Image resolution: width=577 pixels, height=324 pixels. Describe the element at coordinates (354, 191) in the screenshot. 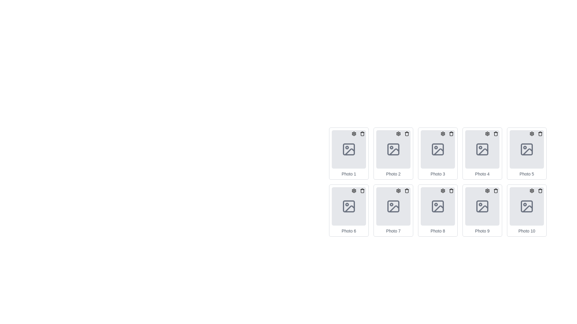

I see `the cogwheel-like icon representing the settings button located at the top right corner of the sixth photo card labeled 'Photo 6'` at that location.